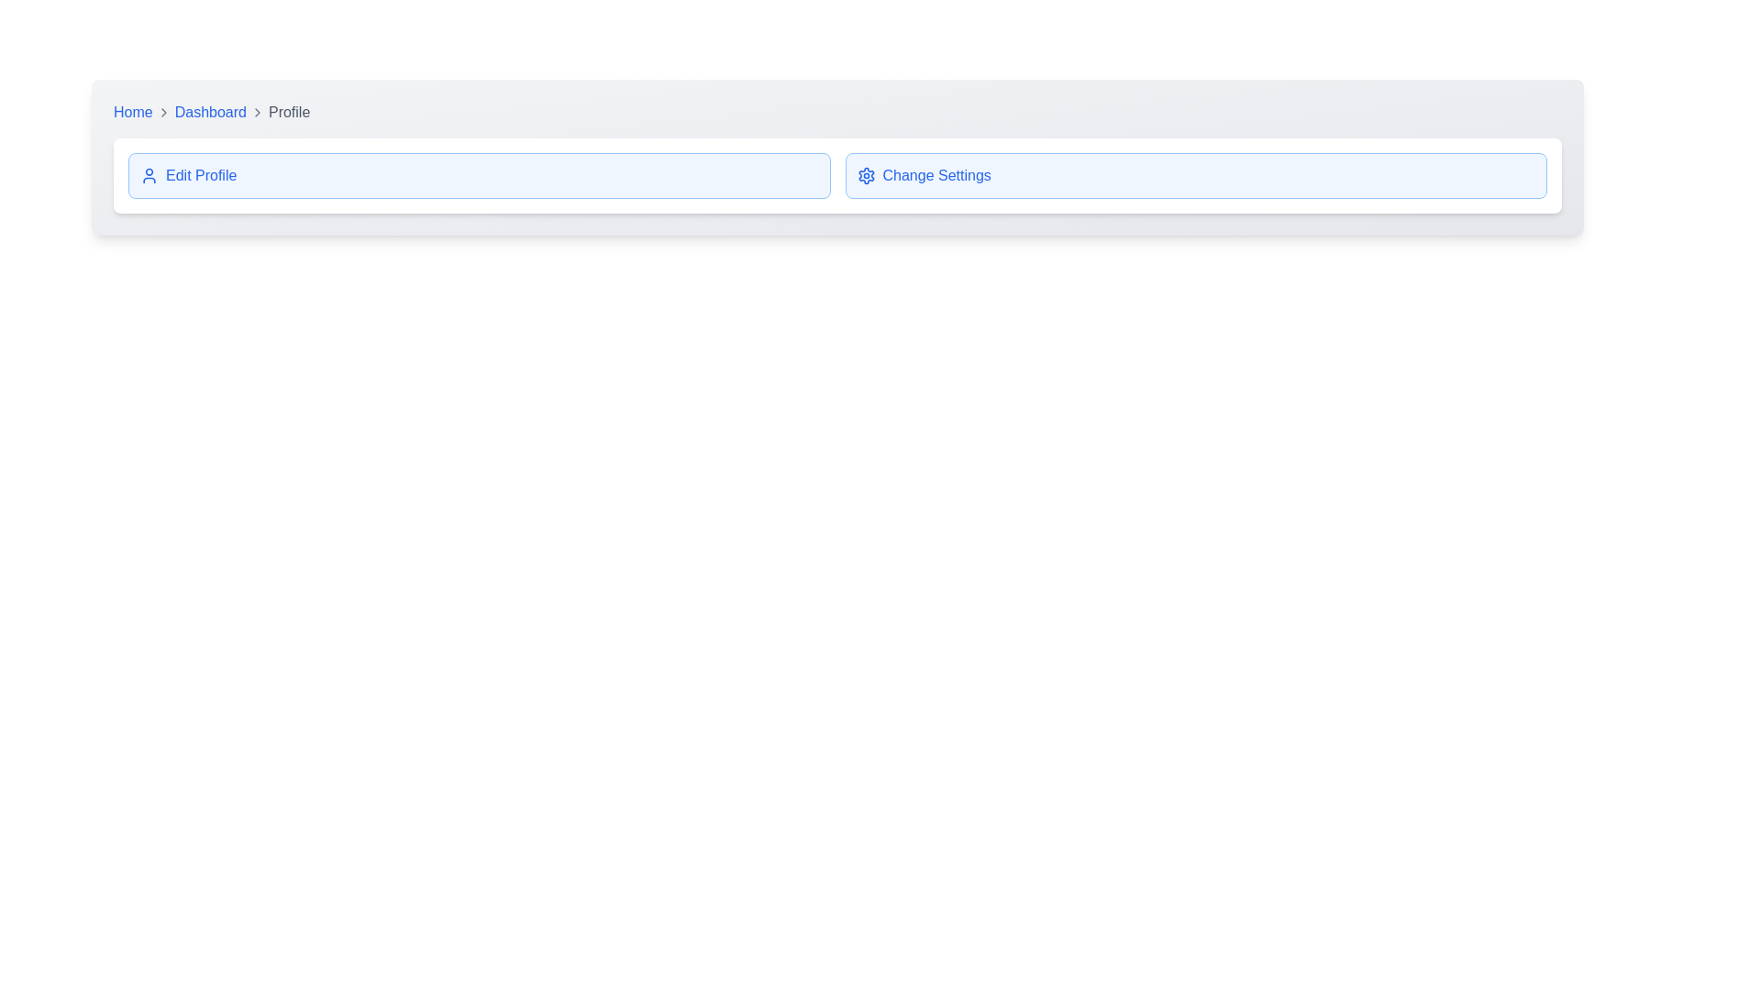  Describe the element at coordinates (150, 176) in the screenshot. I see `the user profile icon located on the left side of the 'Edit Profile' button` at that location.